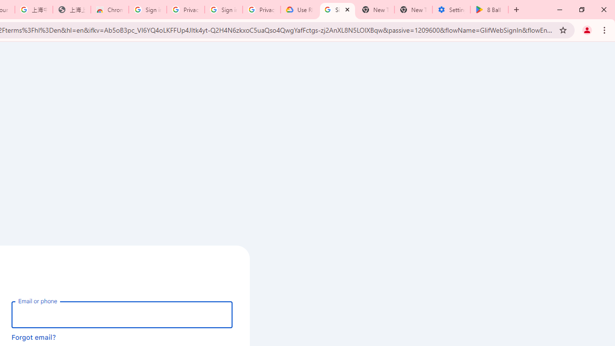 This screenshot has height=346, width=615. Describe the element at coordinates (34, 336) in the screenshot. I see `'Forgot email?'` at that location.